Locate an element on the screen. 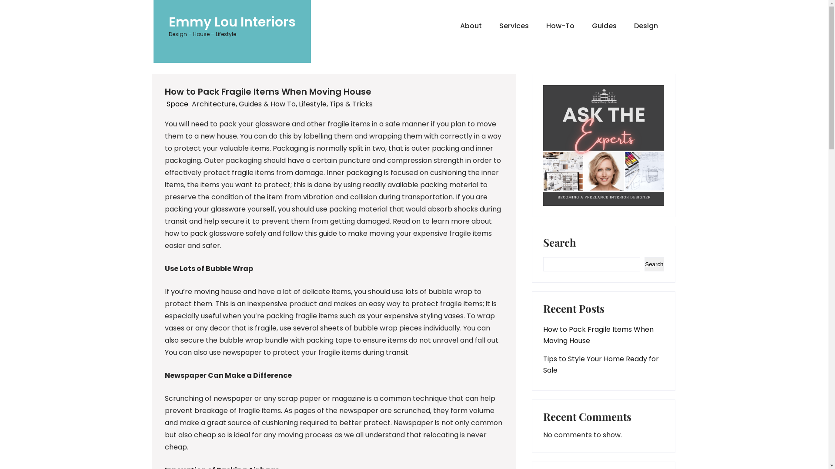  'About' is located at coordinates (451, 26).